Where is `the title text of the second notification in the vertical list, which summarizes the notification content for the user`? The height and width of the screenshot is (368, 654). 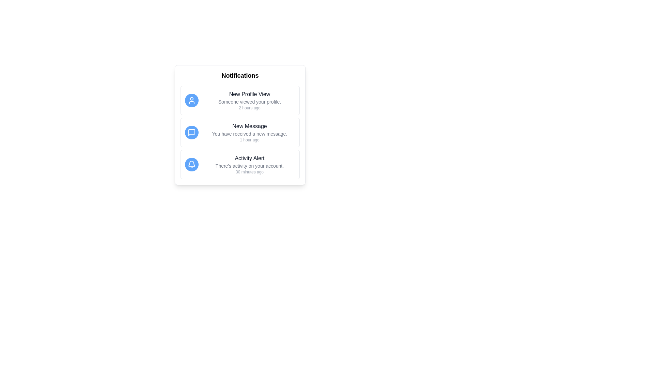
the title text of the second notification in the vertical list, which summarizes the notification content for the user is located at coordinates (249, 126).